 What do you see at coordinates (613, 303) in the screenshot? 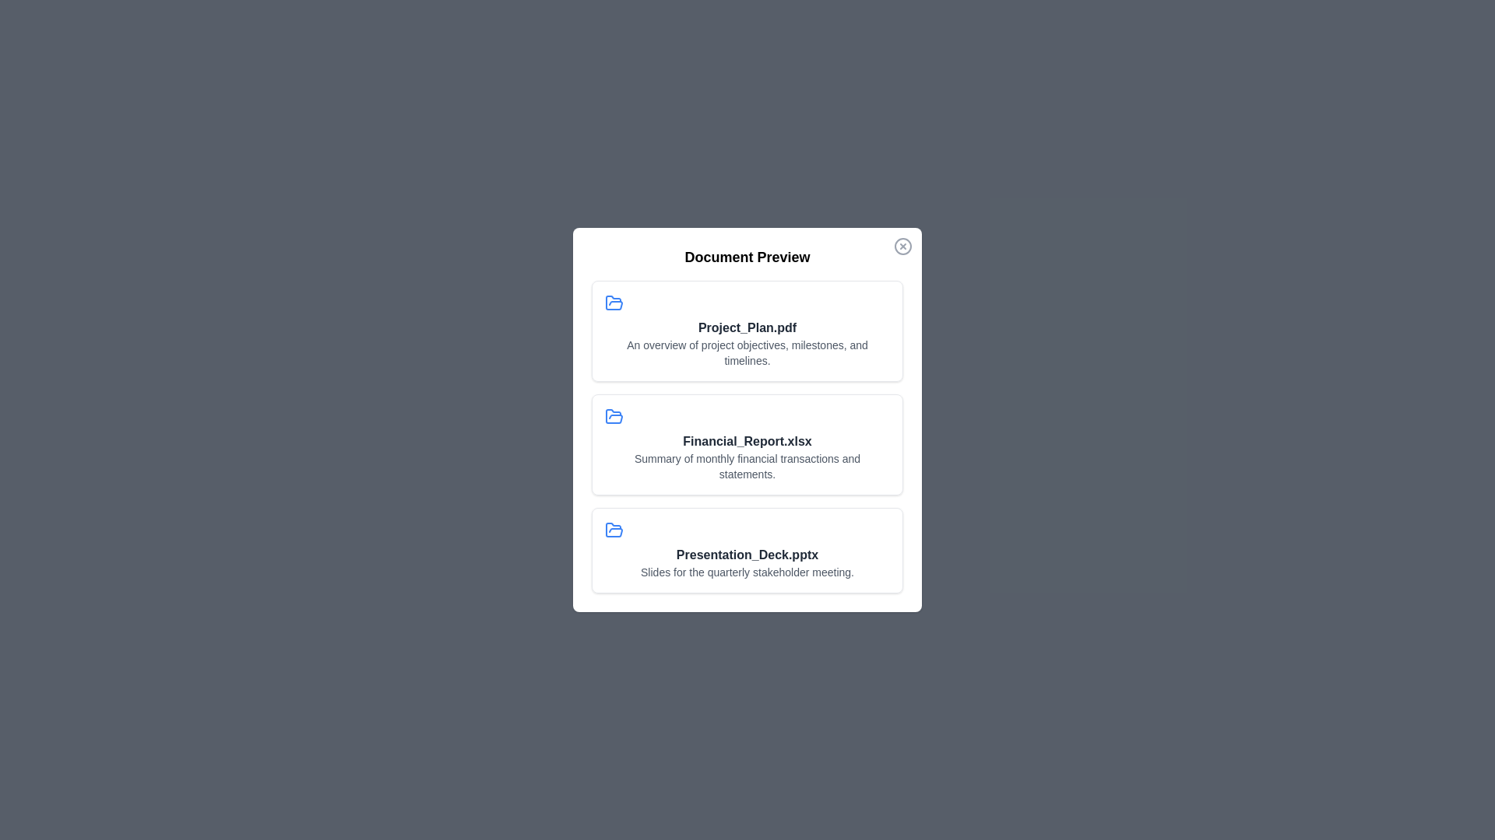
I see `the icon associated with the document Project_Plan.pdf to examine it visually` at bounding box center [613, 303].